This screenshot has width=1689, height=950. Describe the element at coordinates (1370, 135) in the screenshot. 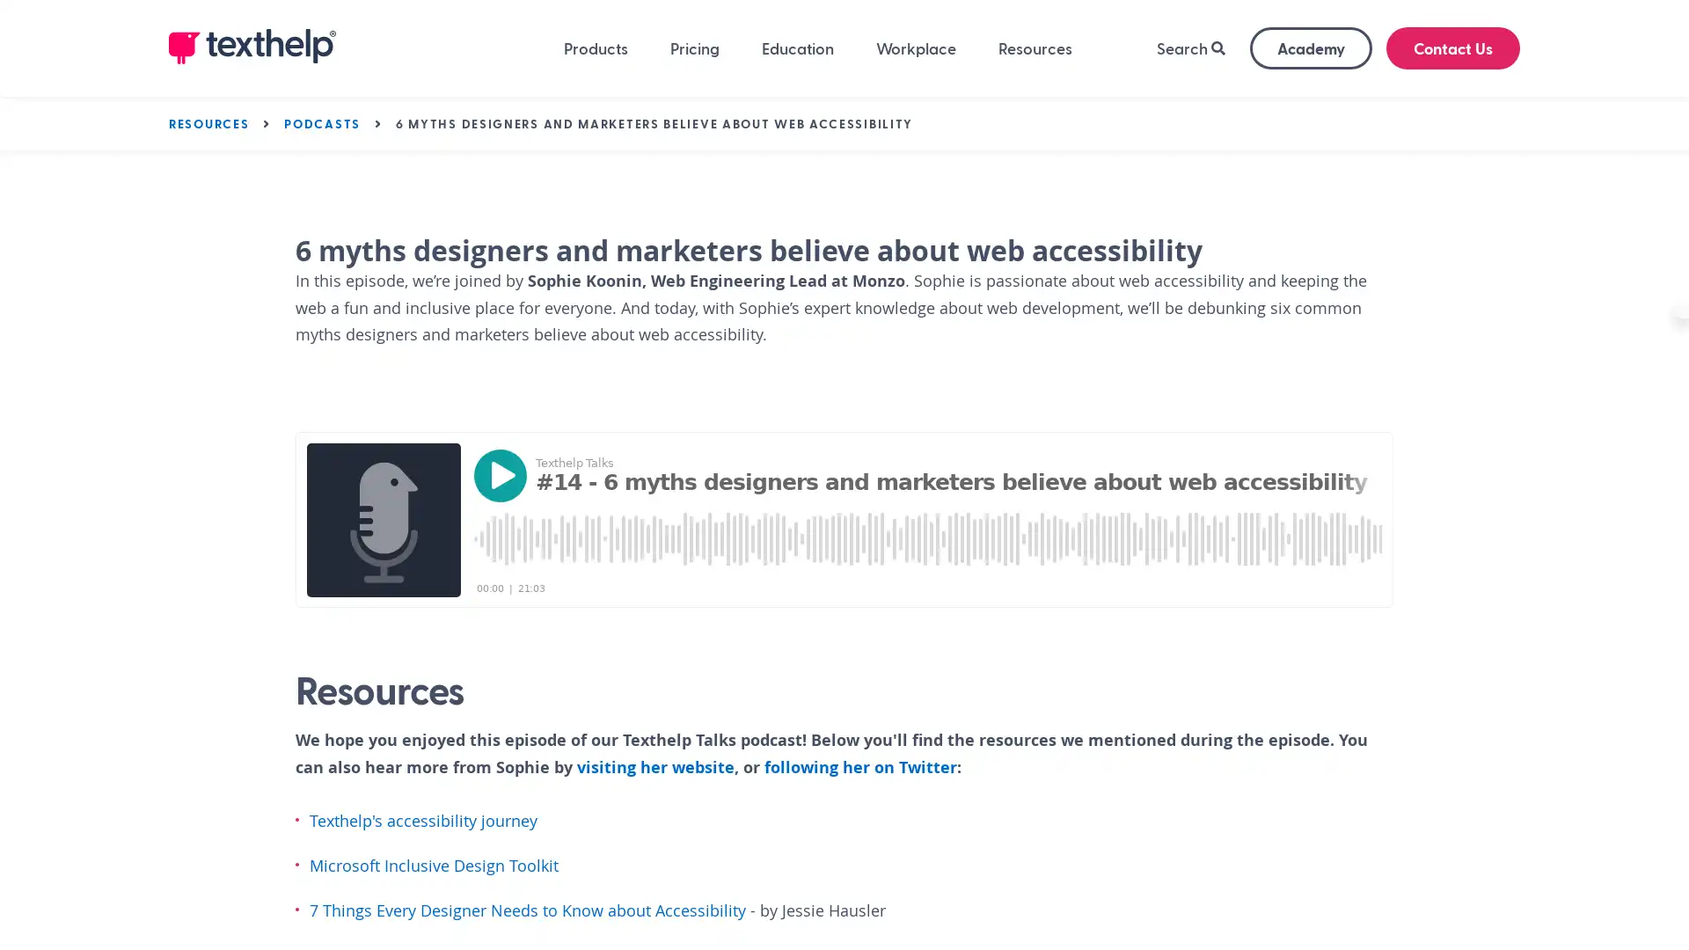

I see `Toggle Navigation` at that location.